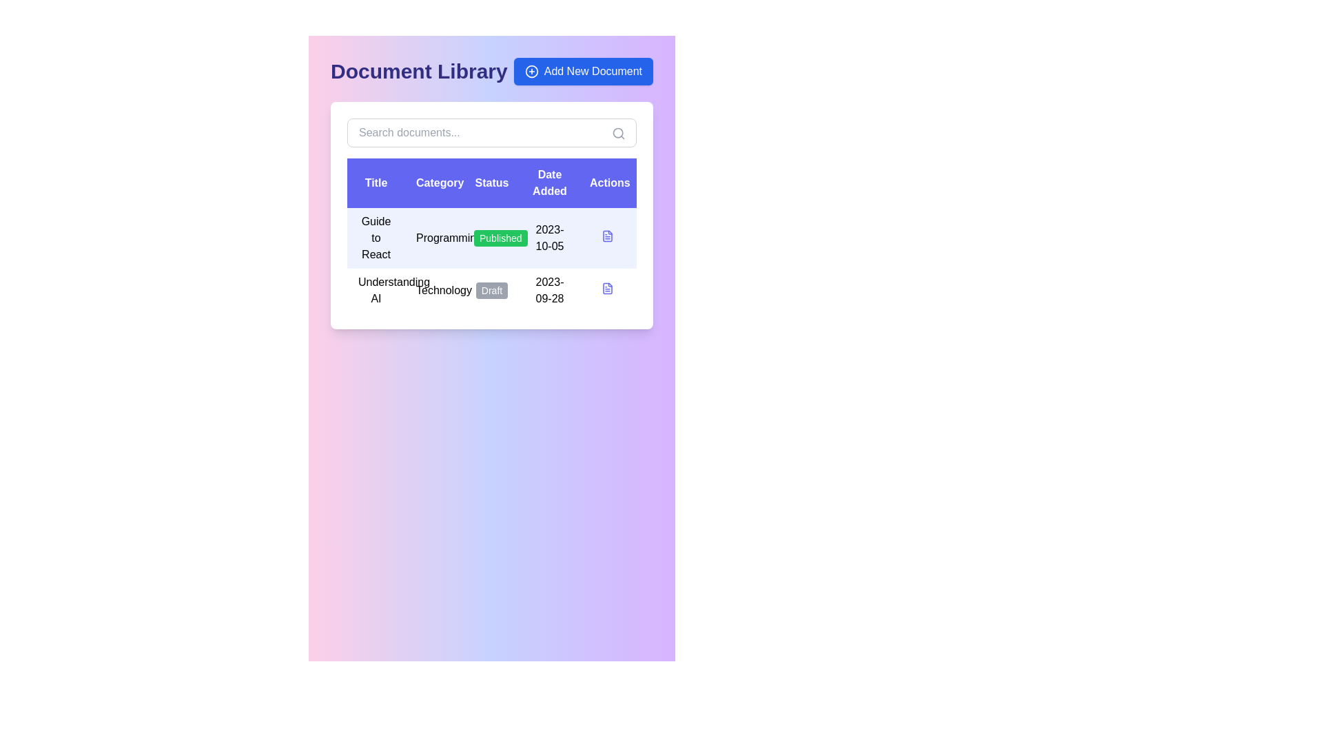 This screenshot has height=744, width=1323. Describe the element at coordinates (607, 183) in the screenshot. I see `the 'Actions' header label in the table, which is the fifth section of the header row` at that location.